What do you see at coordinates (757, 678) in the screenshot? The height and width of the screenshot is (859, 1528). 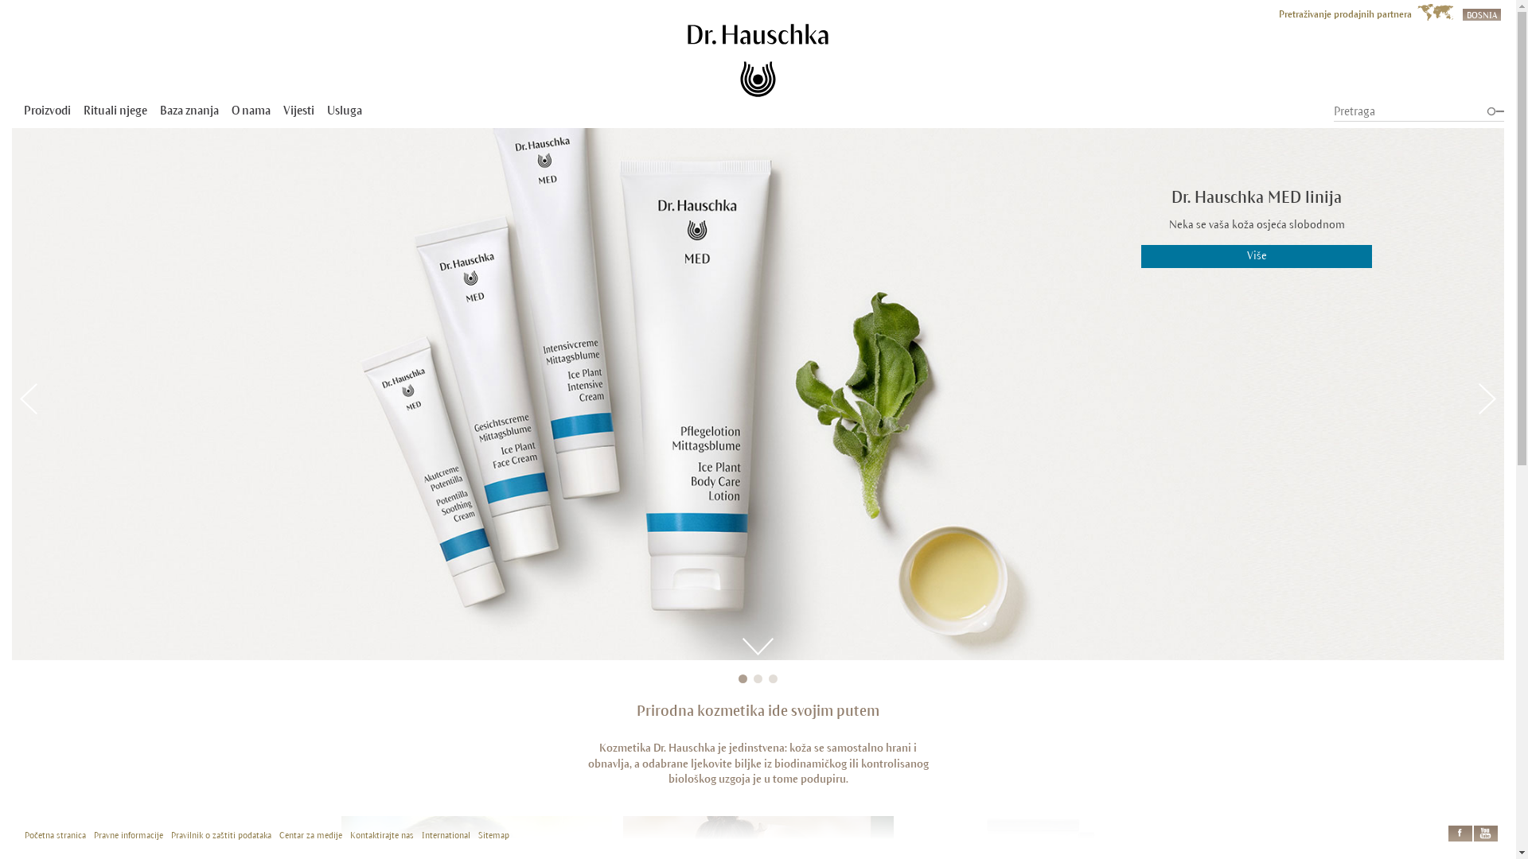 I see `'2'` at bounding box center [757, 678].